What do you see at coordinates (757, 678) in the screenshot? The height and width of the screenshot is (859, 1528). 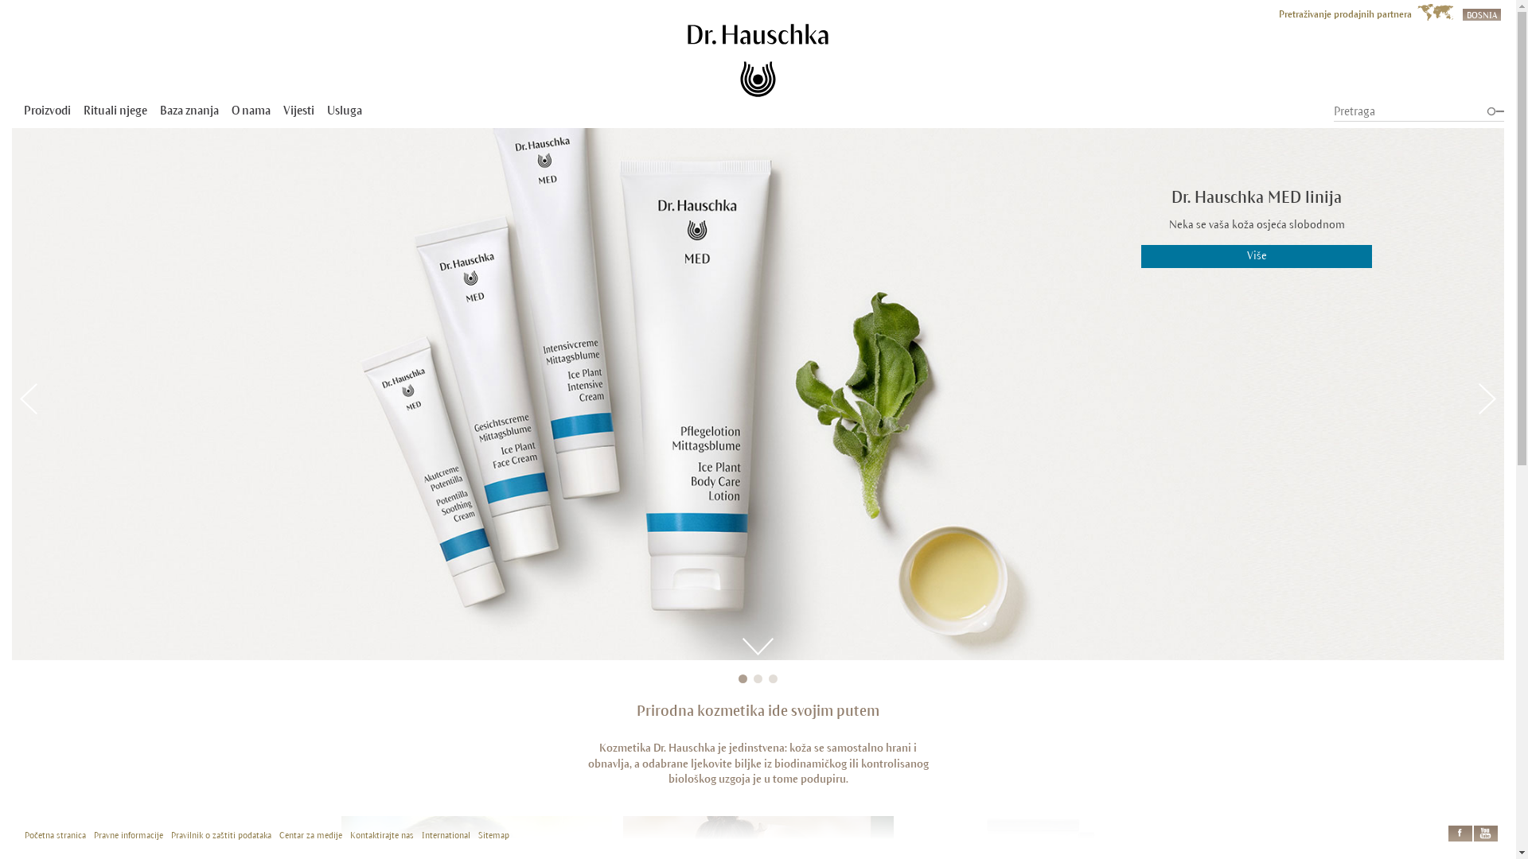 I see `'2'` at bounding box center [757, 678].